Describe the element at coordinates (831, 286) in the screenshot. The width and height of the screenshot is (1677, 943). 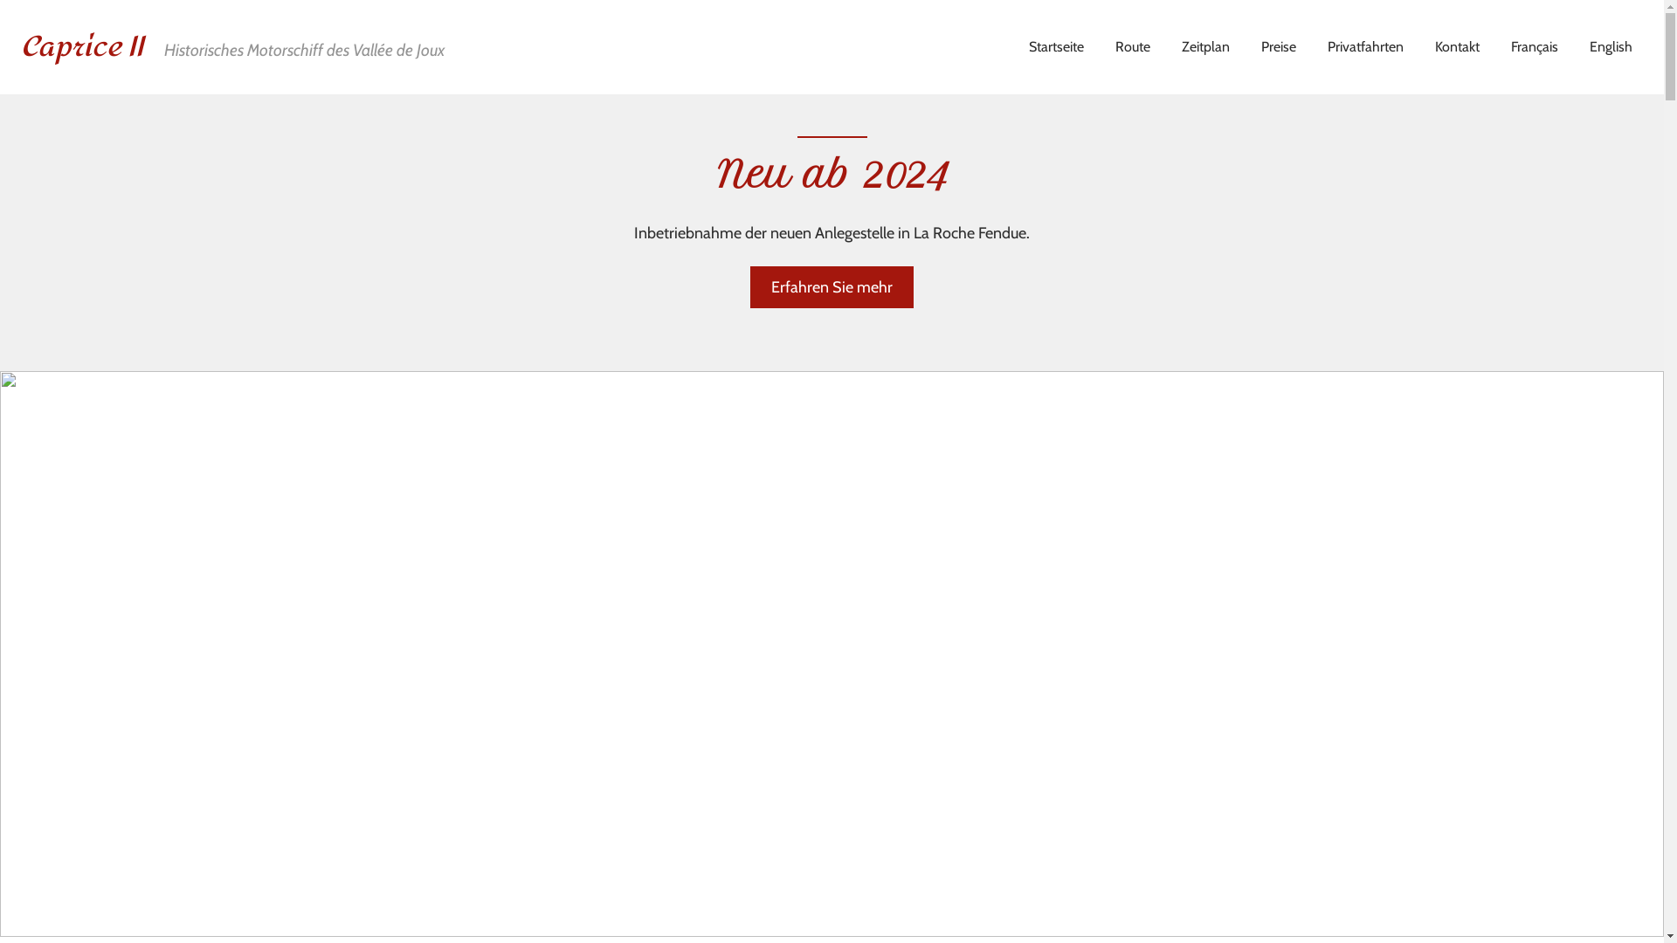
I see `'Erfahren Sie mehr'` at that location.